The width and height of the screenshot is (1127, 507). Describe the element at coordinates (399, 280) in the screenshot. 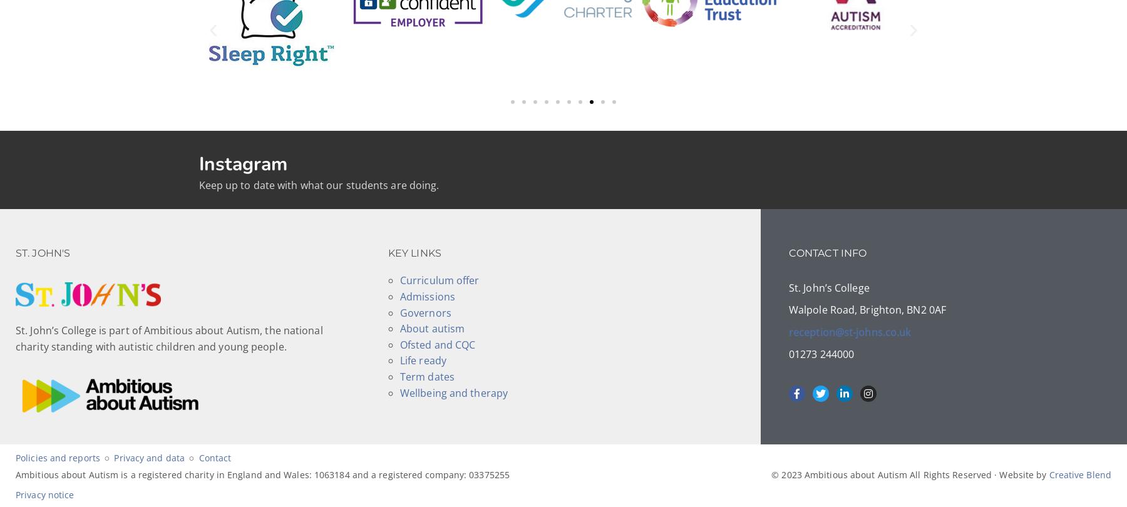

I see `'Curriculum offer'` at that location.